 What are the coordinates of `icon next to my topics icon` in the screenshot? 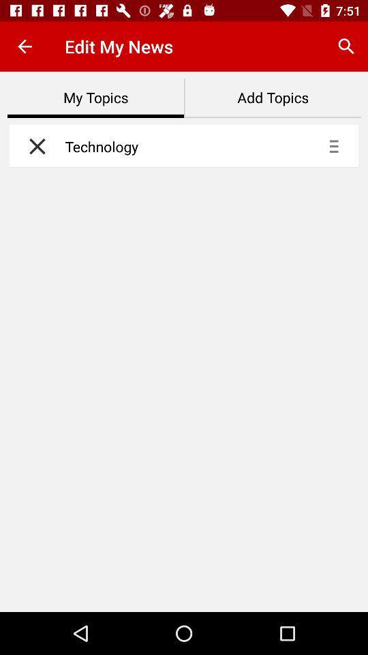 It's located at (273, 98).